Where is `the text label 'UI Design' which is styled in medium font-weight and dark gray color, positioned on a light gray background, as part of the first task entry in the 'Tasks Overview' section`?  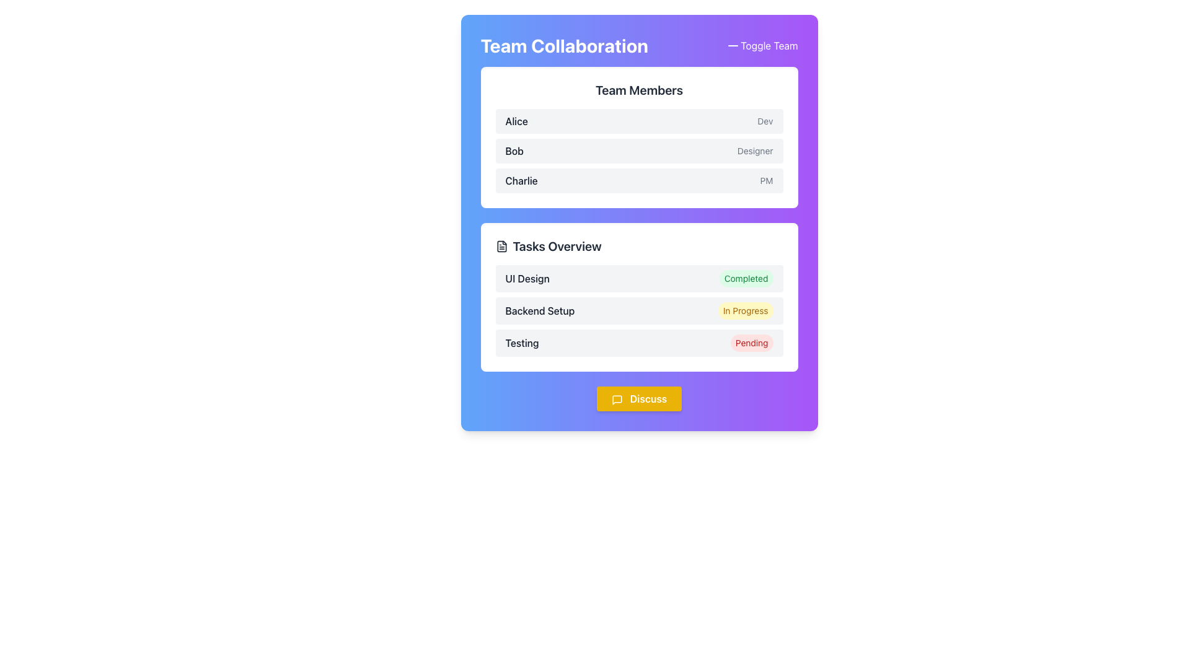
the text label 'UI Design' which is styled in medium font-weight and dark gray color, positioned on a light gray background, as part of the first task entry in the 'Tasks Overview' section is located at coordinates (527, 279).